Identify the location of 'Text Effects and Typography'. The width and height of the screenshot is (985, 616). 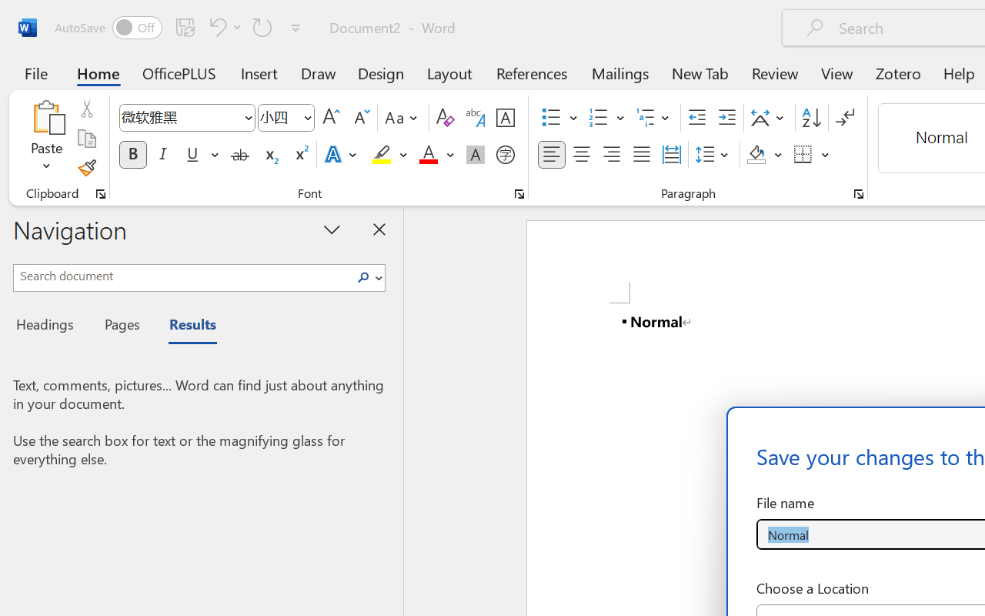
(341, 155).